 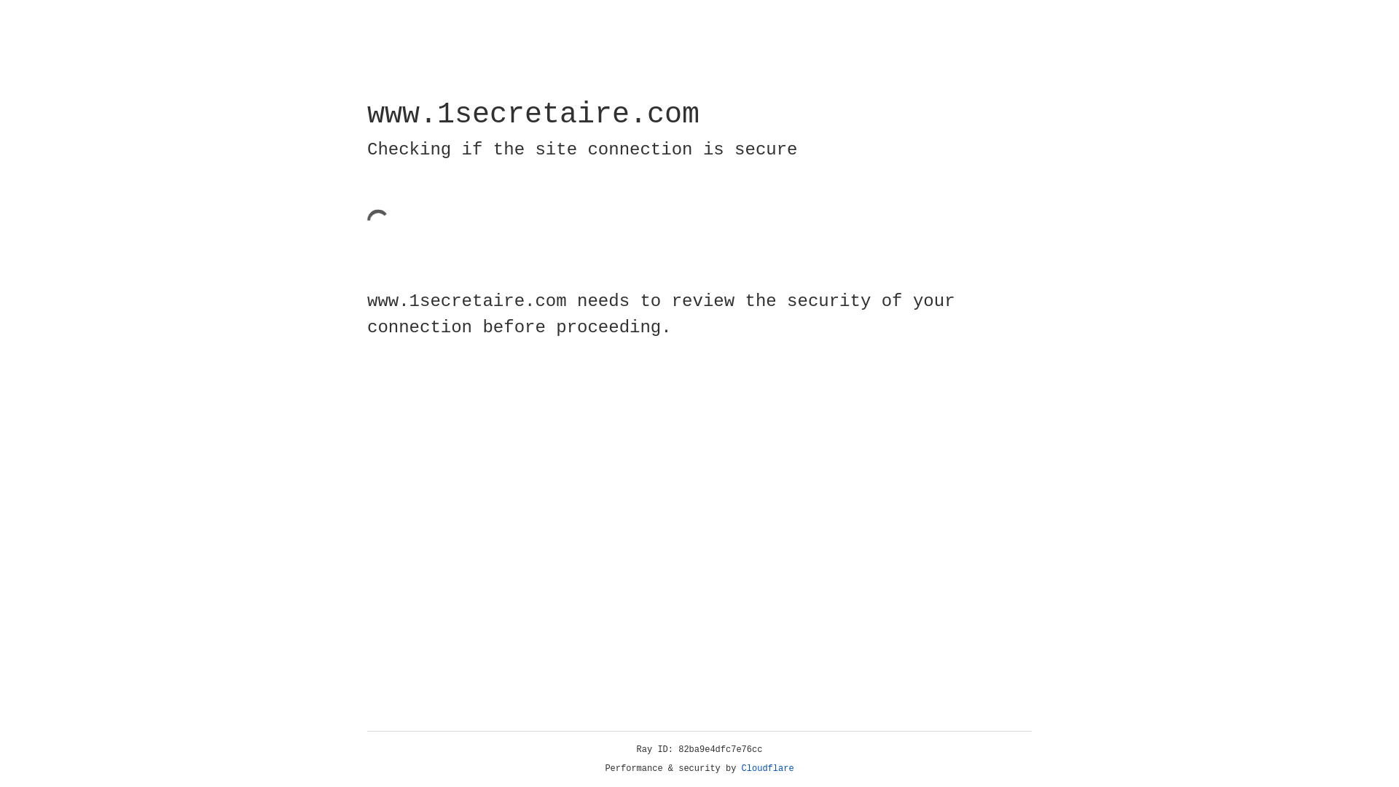 I want to click on 'Cloudflare', so click(x=767, y=768).